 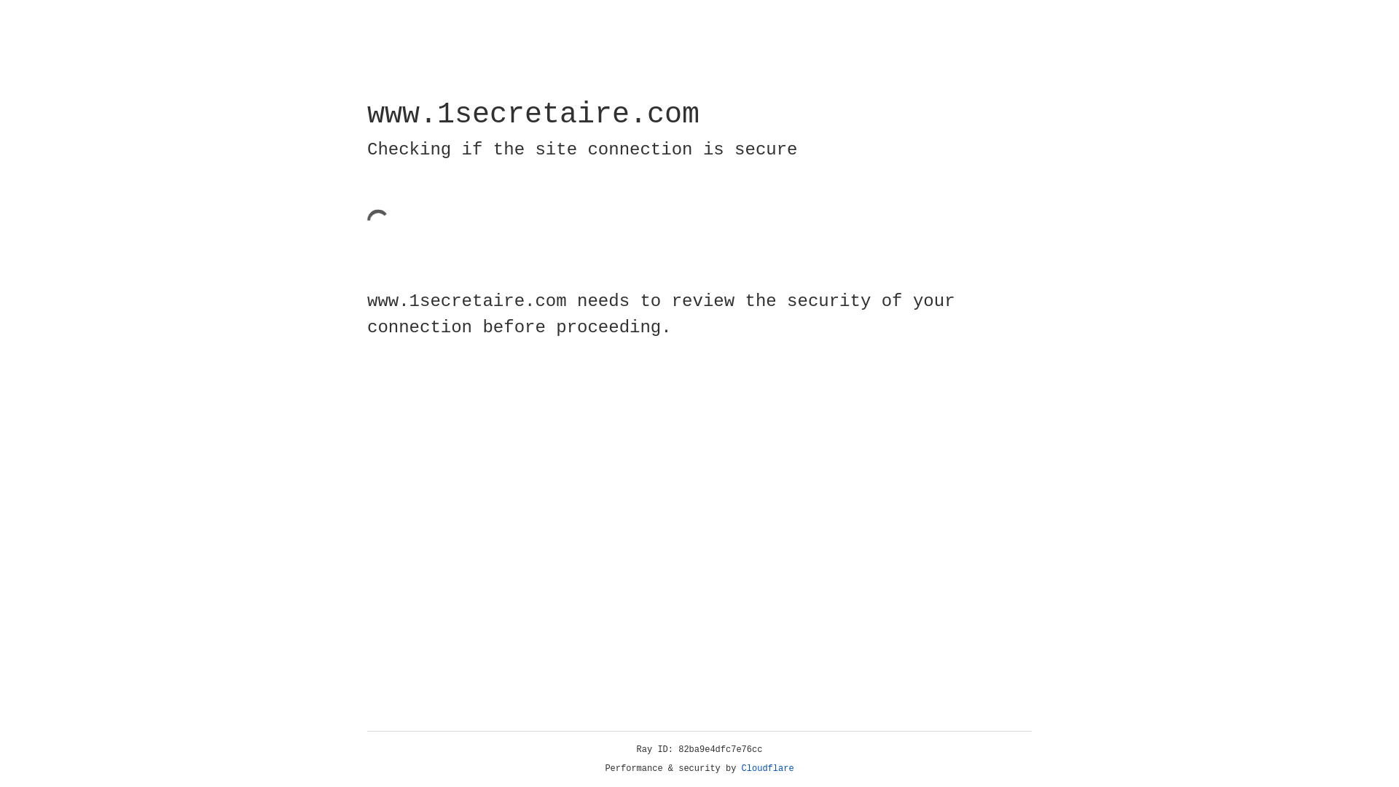 I want to click on 'Cloudflare', so click(x=767, y=768).